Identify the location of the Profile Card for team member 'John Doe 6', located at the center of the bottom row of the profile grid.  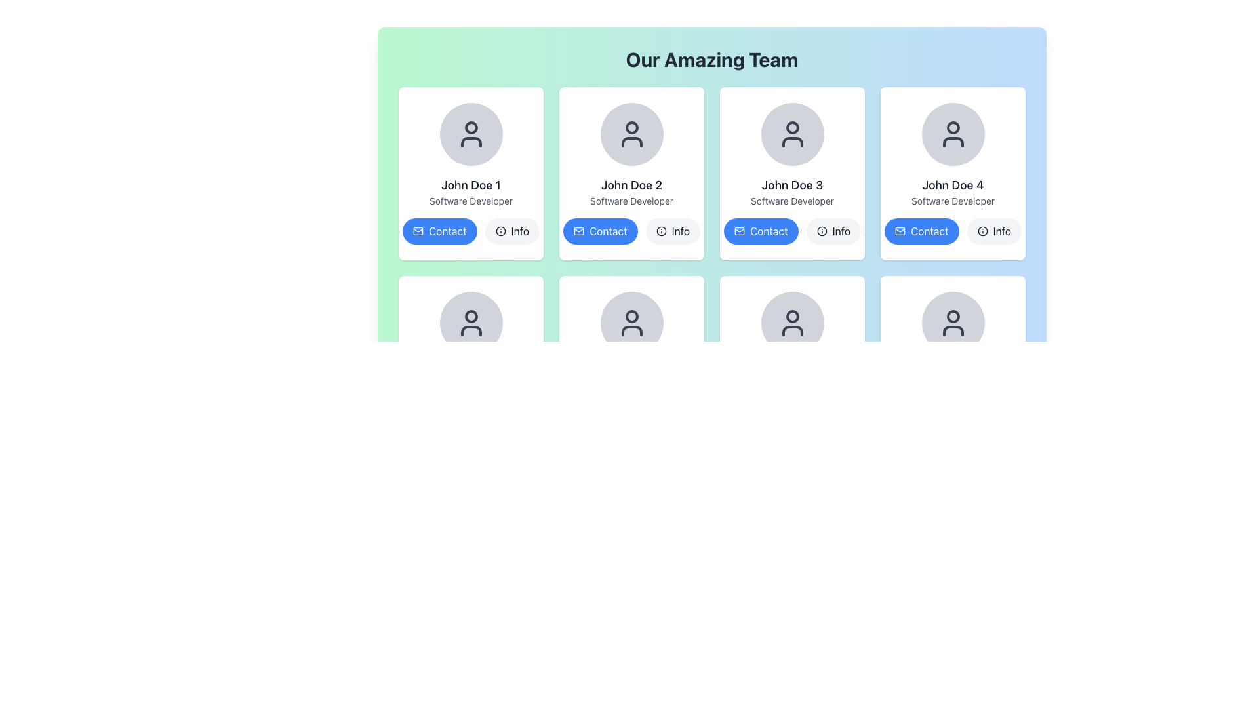
(631, 362).